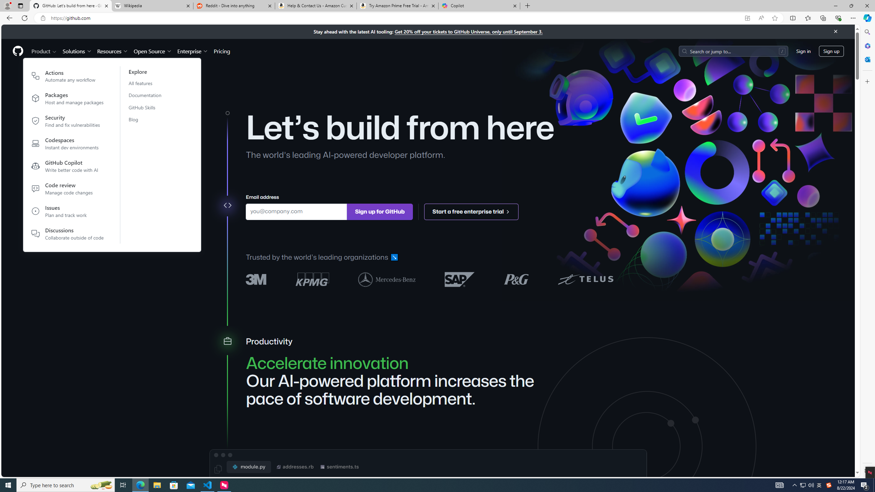 This screenshot has width=875, height=492. I want to click on 'Wikipedia', so click(152, 5).